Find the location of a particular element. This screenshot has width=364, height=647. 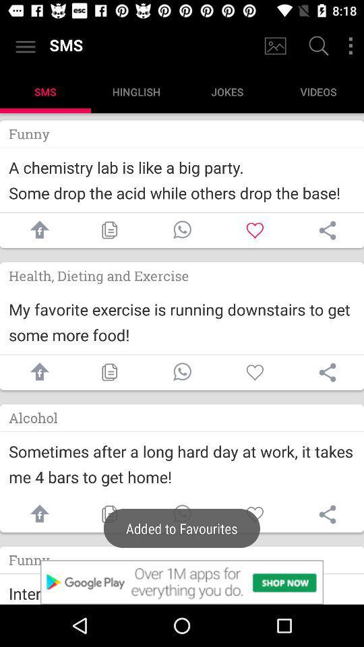

make a call is located at coordinates (182, 230).